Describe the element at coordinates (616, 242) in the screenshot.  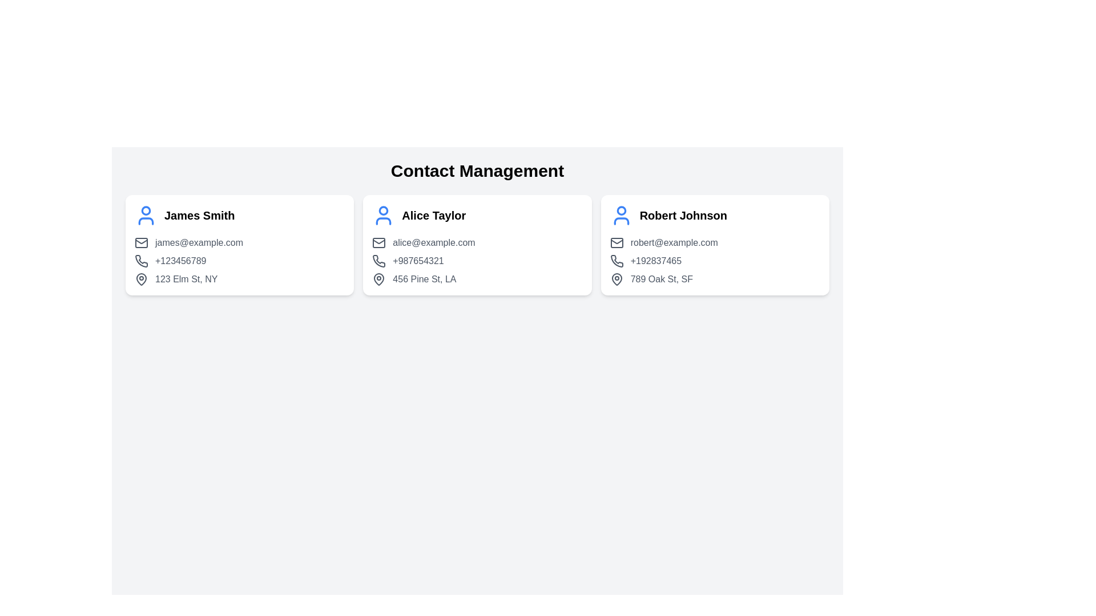
I see `the mail icon element, which is styled as an outline of an envelope and positioned to the left of the email address 'robert@example.com' in the third card from the left of the contact entries` at that location.